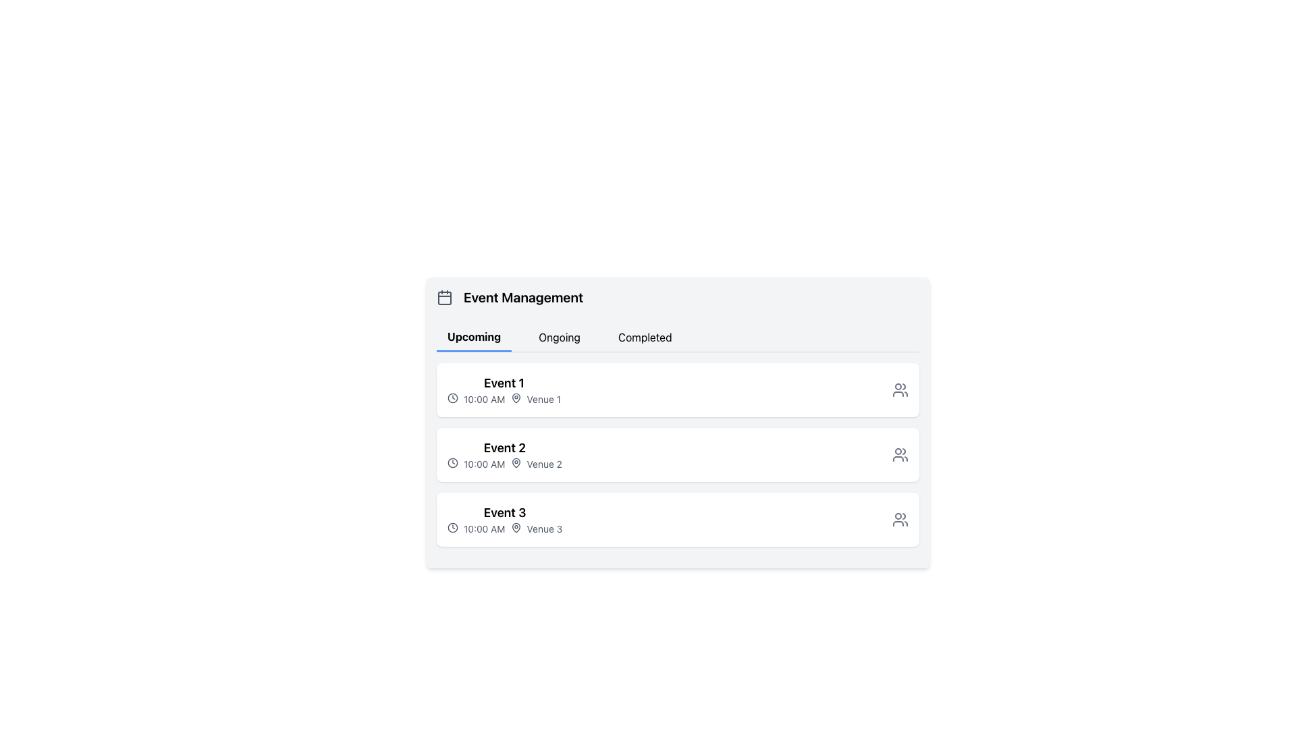  What do you see at coordinates (543, 398) in the screenshot?
I see `the text label displaying the venue name in the topmost event card under the 'Upcoming' tab, positioned after the map pin icon and following the time '10:00 AM'` at bounding box center [543, 398].